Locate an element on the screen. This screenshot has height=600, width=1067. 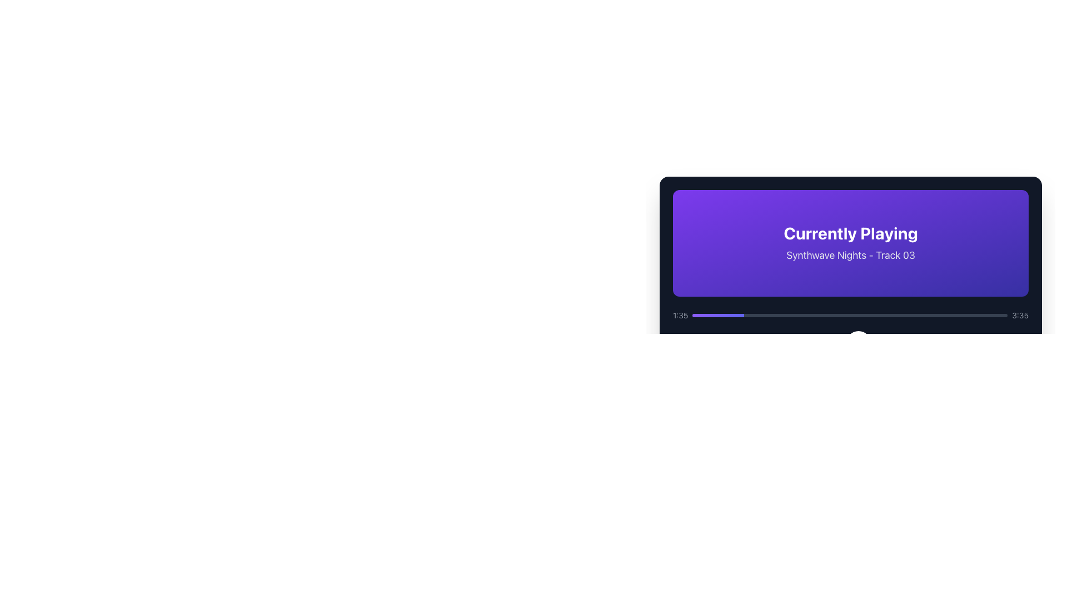
the thin, horizontal progress bar located between the time labels '1:35' and '3:35', which indicates progress with a gradient fill is located at coordinates (849, 315).